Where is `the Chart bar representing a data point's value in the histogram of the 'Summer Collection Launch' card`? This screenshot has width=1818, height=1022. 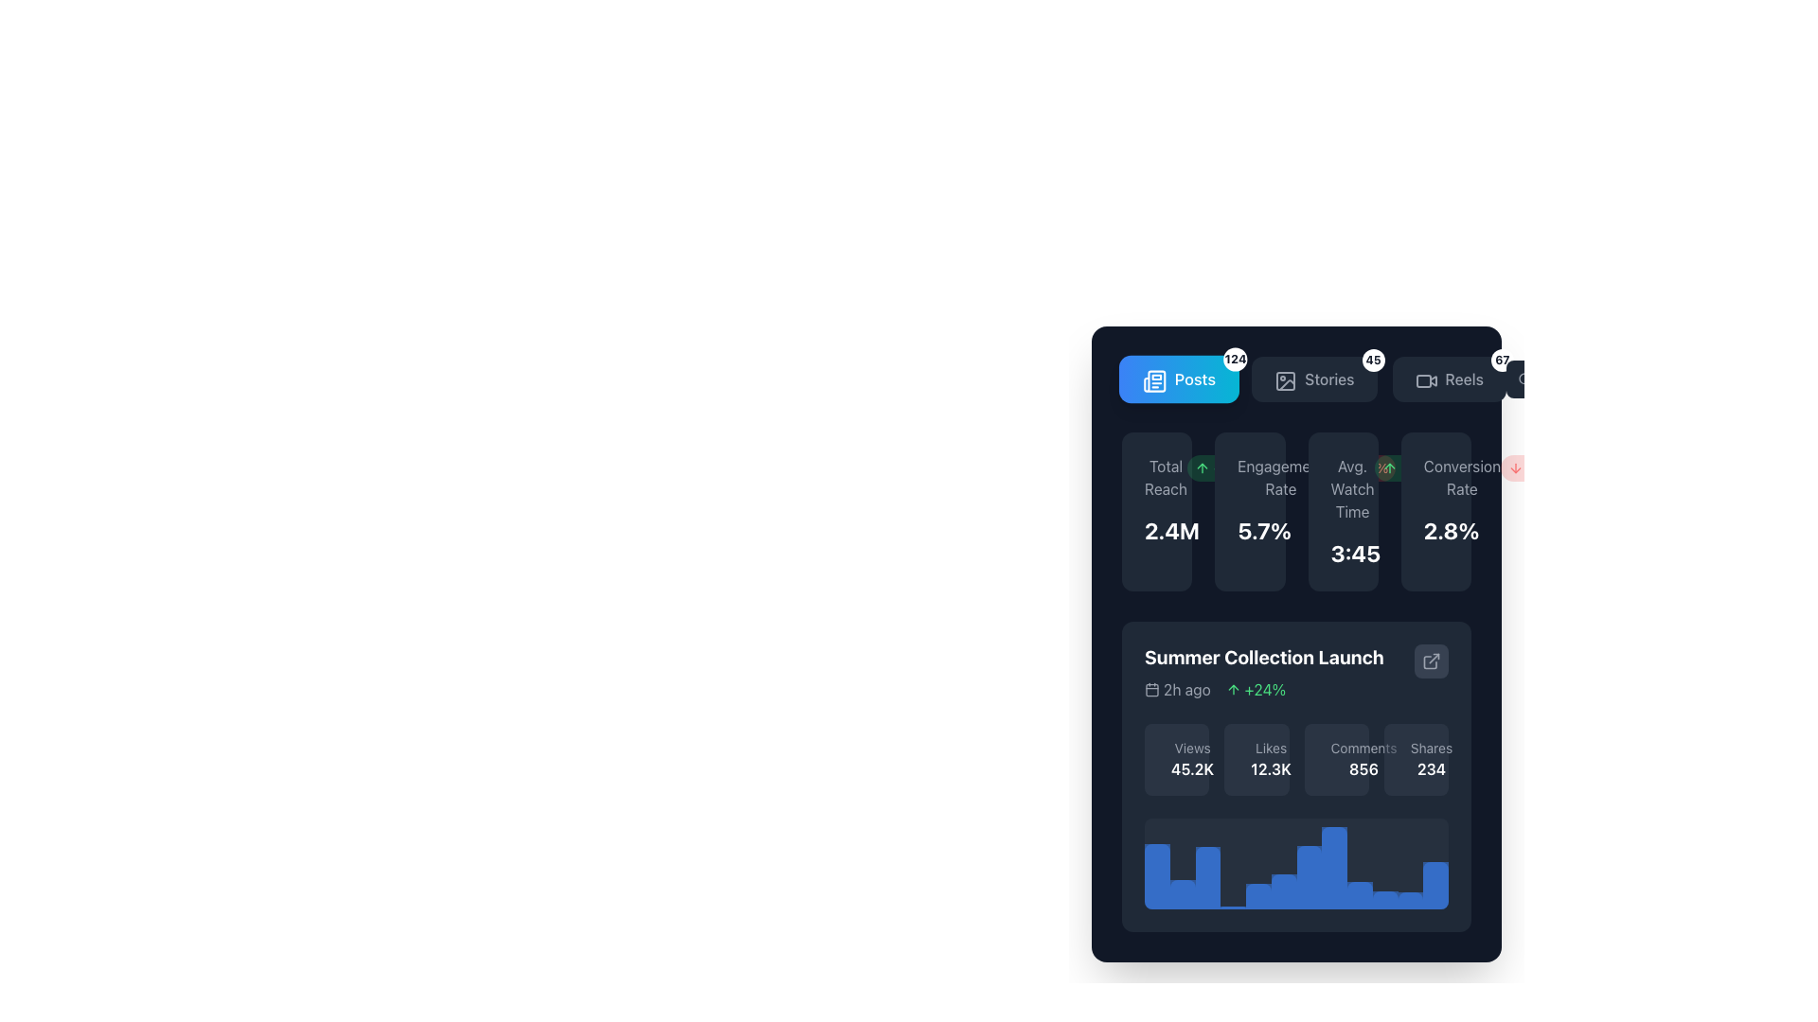
the Chart bar representing a data point's value in the histogram of the 'Summer Collection Launch' card is located at coordinates (1410, 899).